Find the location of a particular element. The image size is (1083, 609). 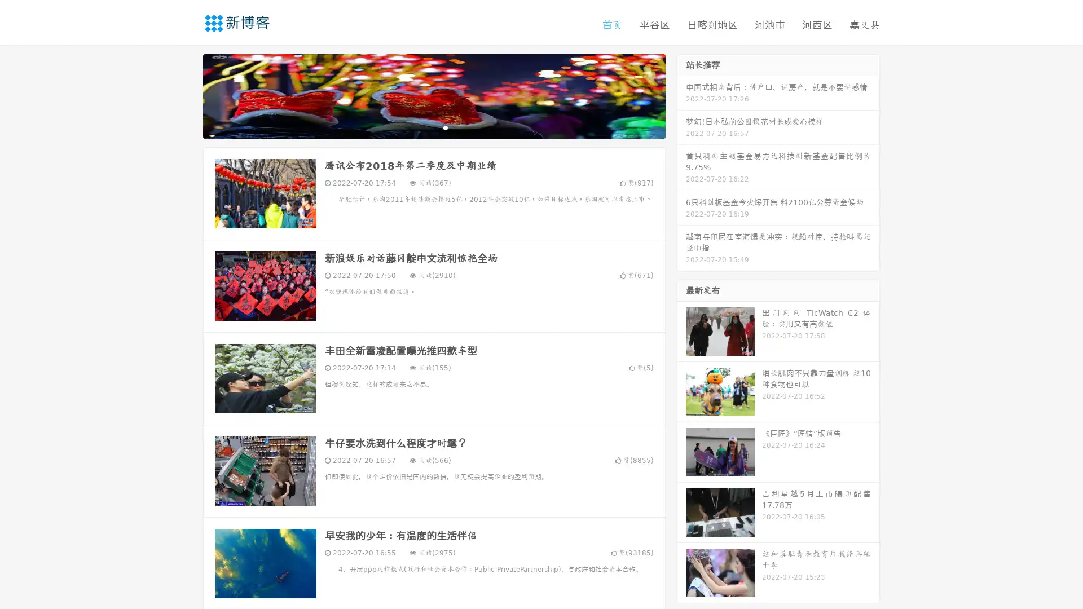

Go to slide 3 is located at coordinates (445, 127).